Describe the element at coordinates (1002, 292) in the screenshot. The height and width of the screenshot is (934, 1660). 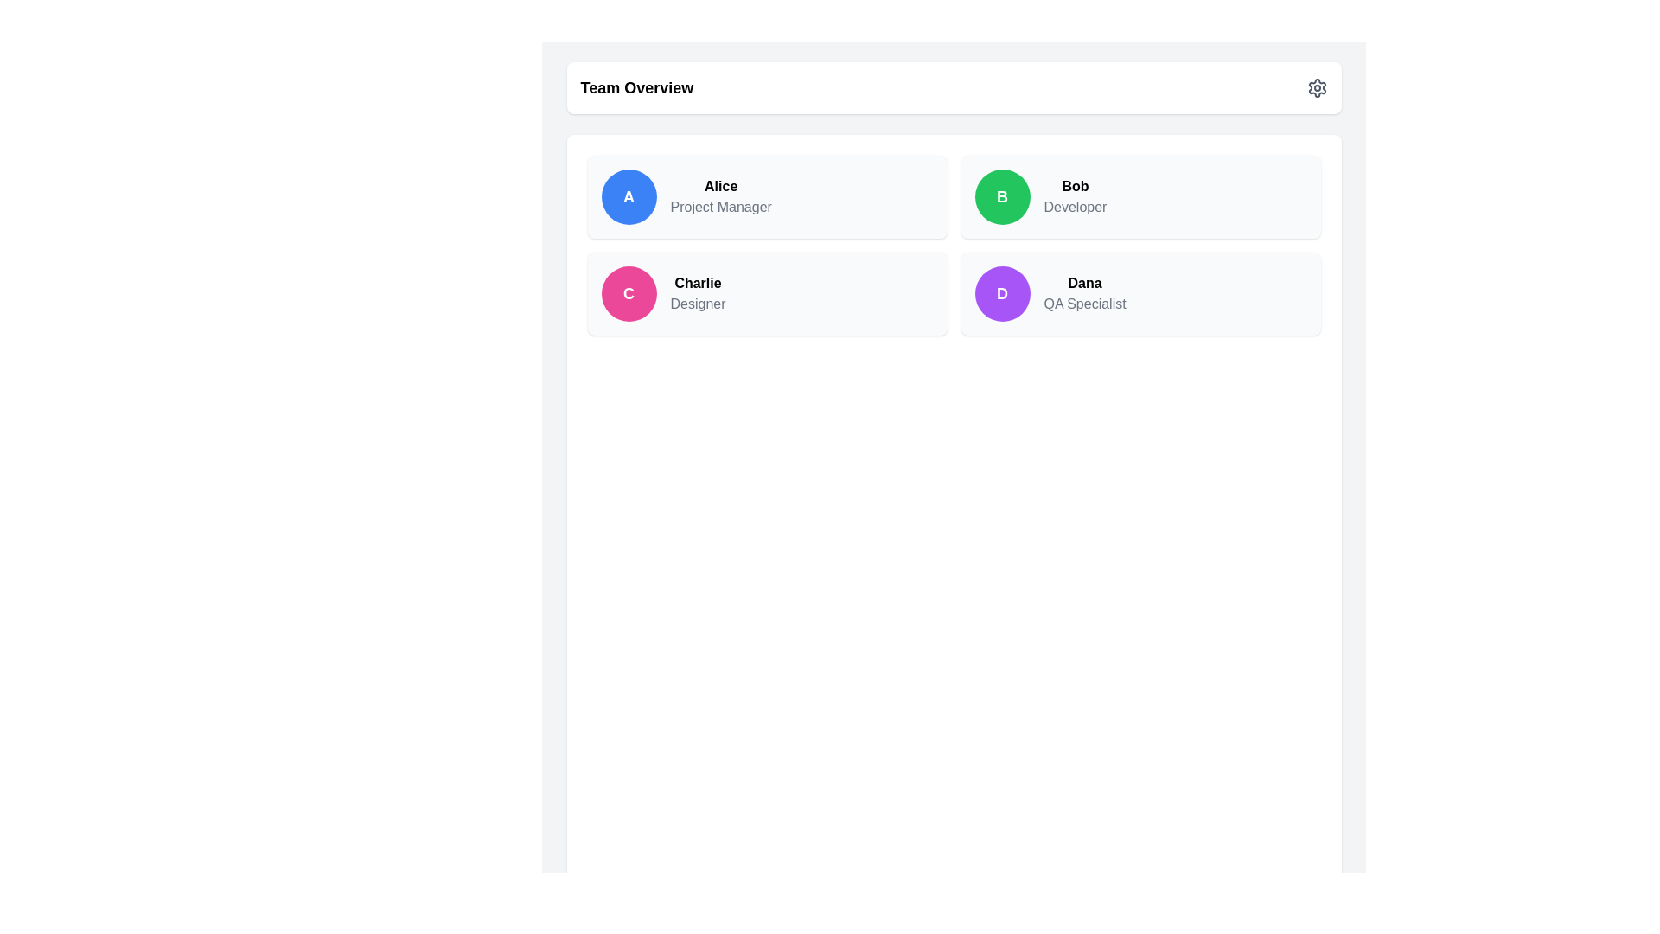
I see `the Avatar representing 'Dana' located in the bottom-right section of the layout, adjacent to the text 'Dana' and 'QA Specialist'` at that location.